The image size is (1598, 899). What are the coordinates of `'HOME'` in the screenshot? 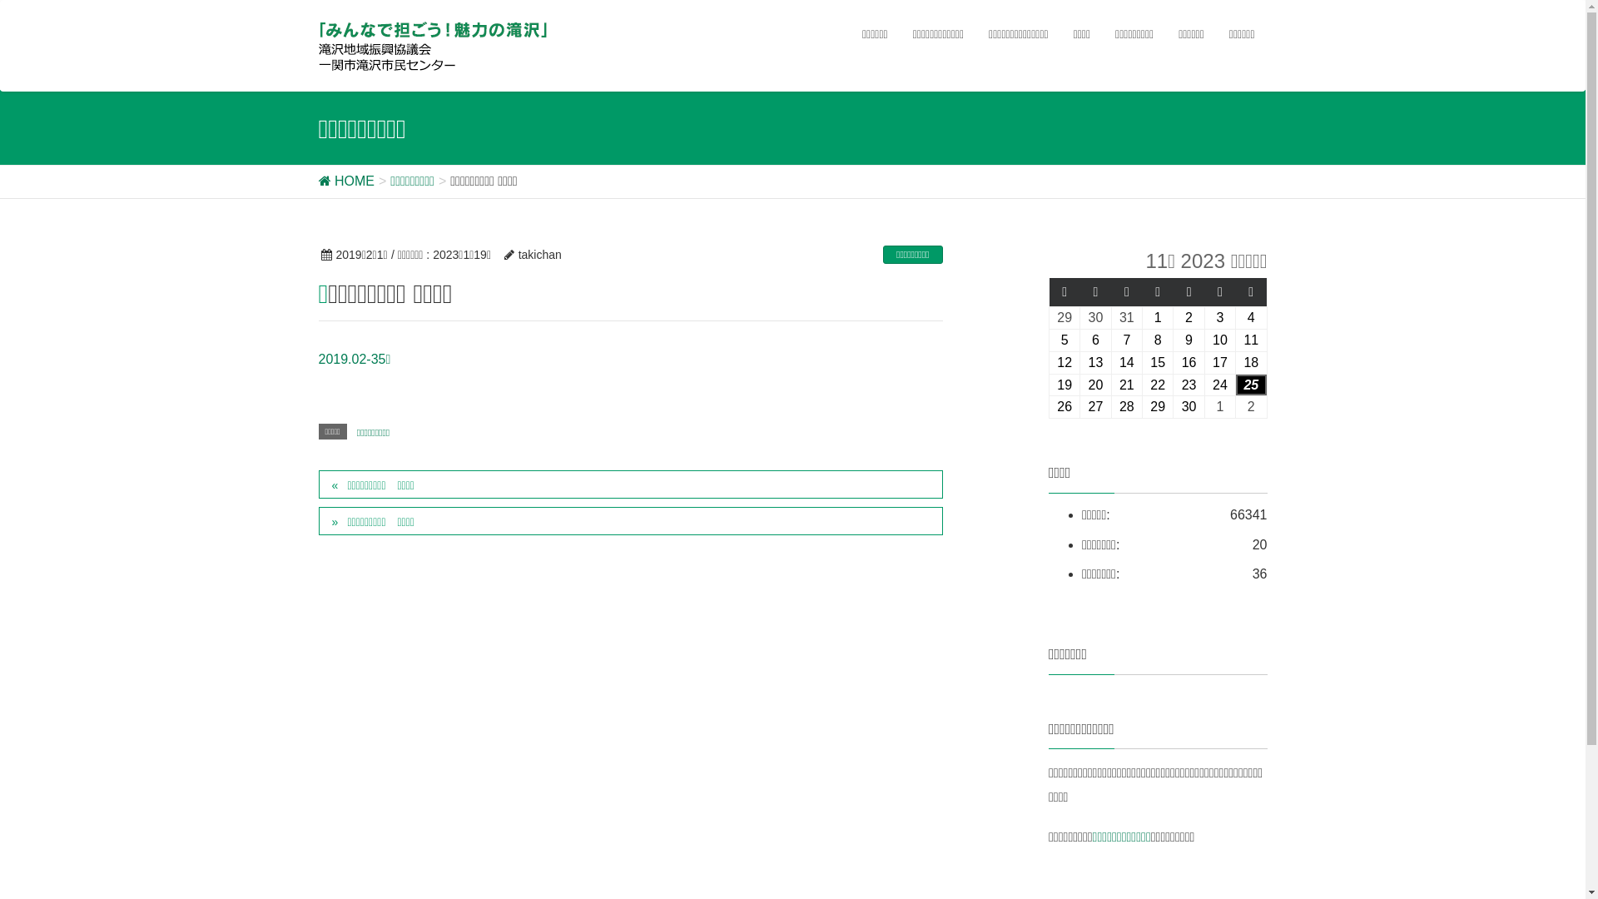 It's located at (345, 181).